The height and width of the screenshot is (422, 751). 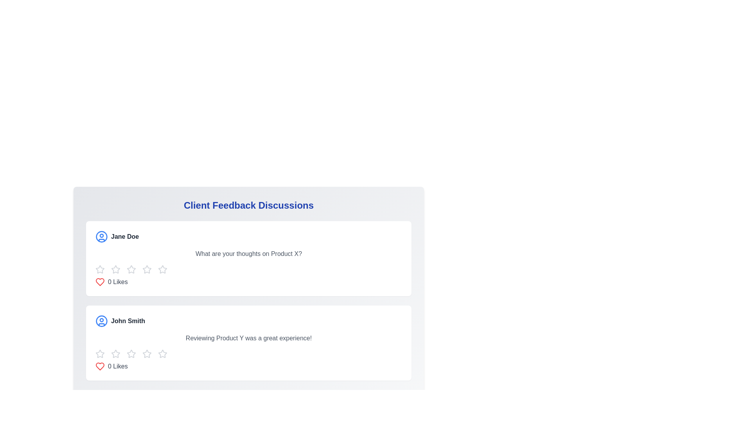 I want to click on the interactive star icons of the rating bar located in the card dedicated to 'John Smith', so click(x=248, y=354).